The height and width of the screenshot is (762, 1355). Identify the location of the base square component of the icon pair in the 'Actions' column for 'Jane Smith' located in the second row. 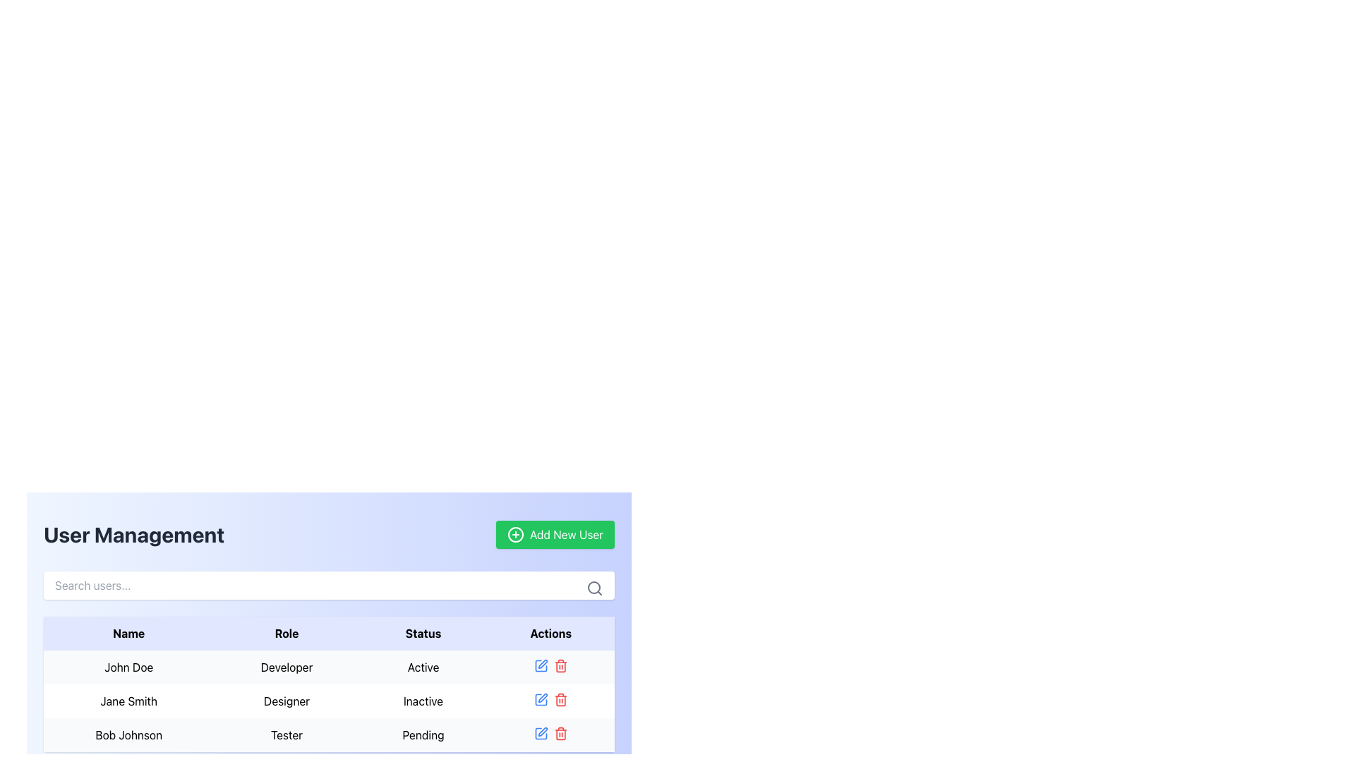
(540, 699).